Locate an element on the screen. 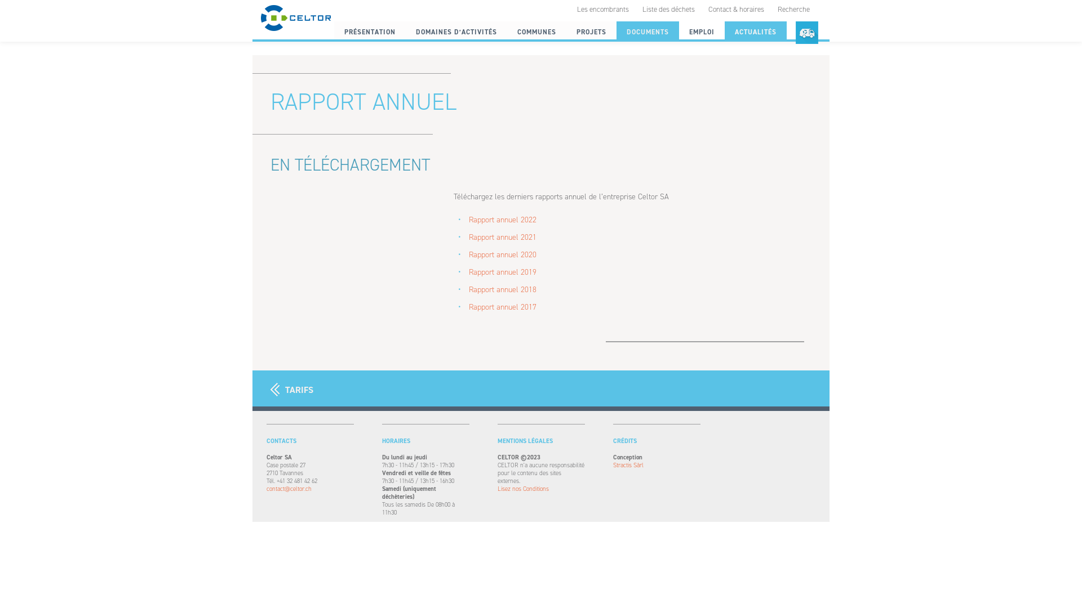 This screenshot has width=1082, height=608. 'EMPLOI' is located at coordinates (701, 32).